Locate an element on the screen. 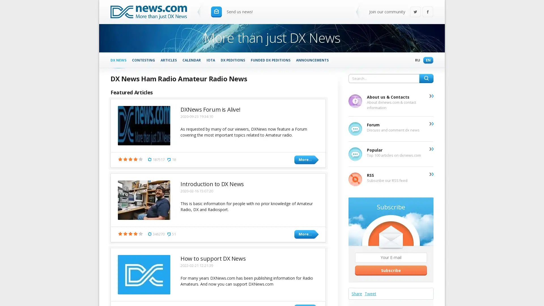 This screenshot has width=544, height=306. Search is located at coordinates (426, 78).